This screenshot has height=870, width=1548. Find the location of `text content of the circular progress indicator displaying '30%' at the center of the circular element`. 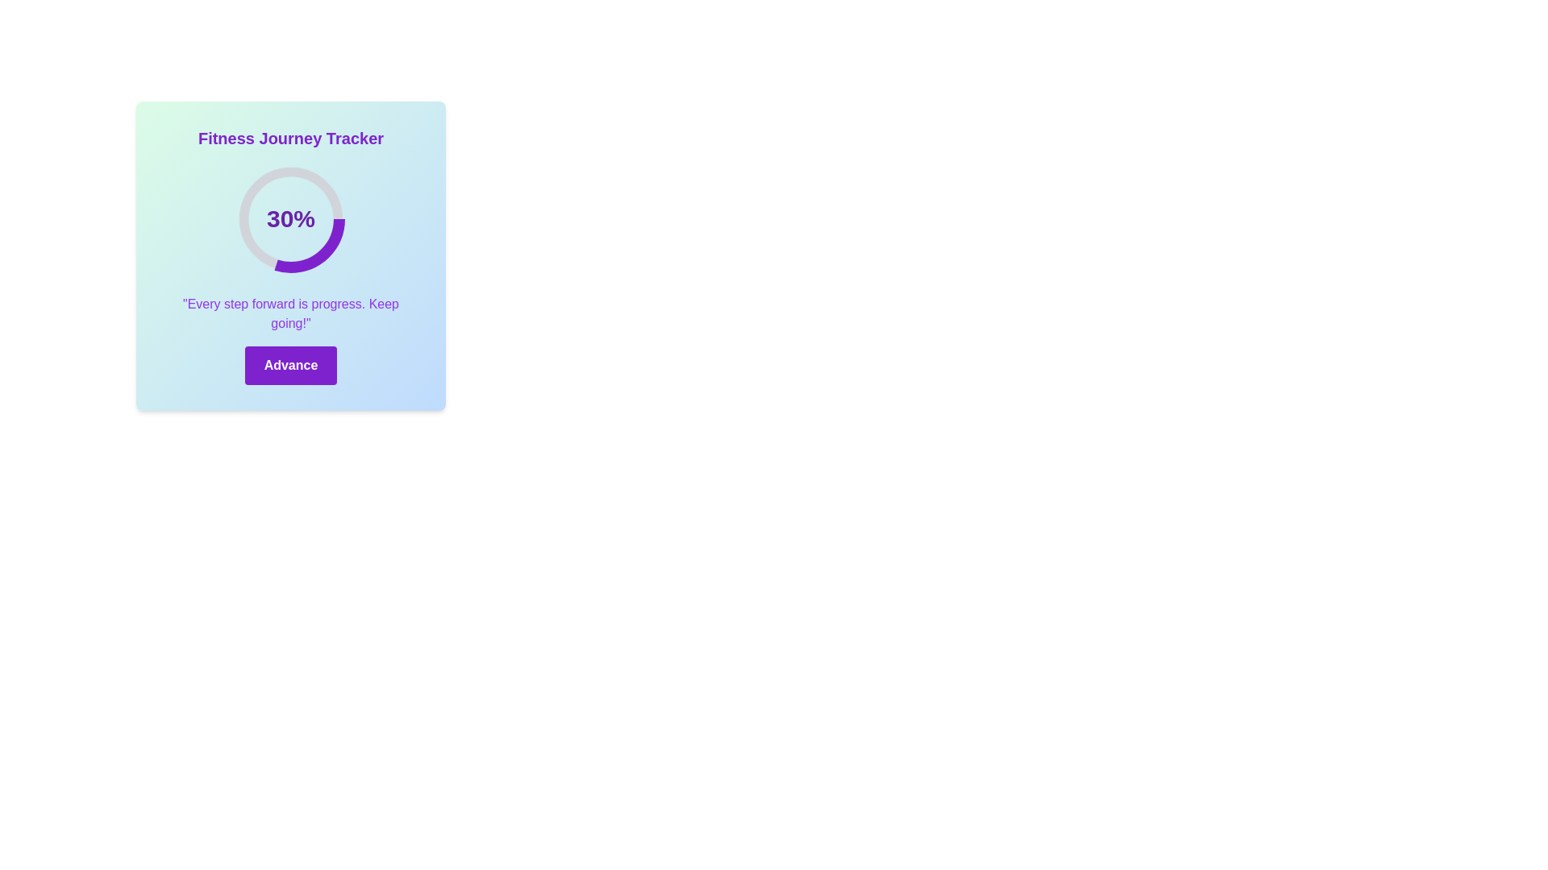

text content of the circular progress indicator displaying '30%' at the center of the circular element is located at coordinates (290, 219).